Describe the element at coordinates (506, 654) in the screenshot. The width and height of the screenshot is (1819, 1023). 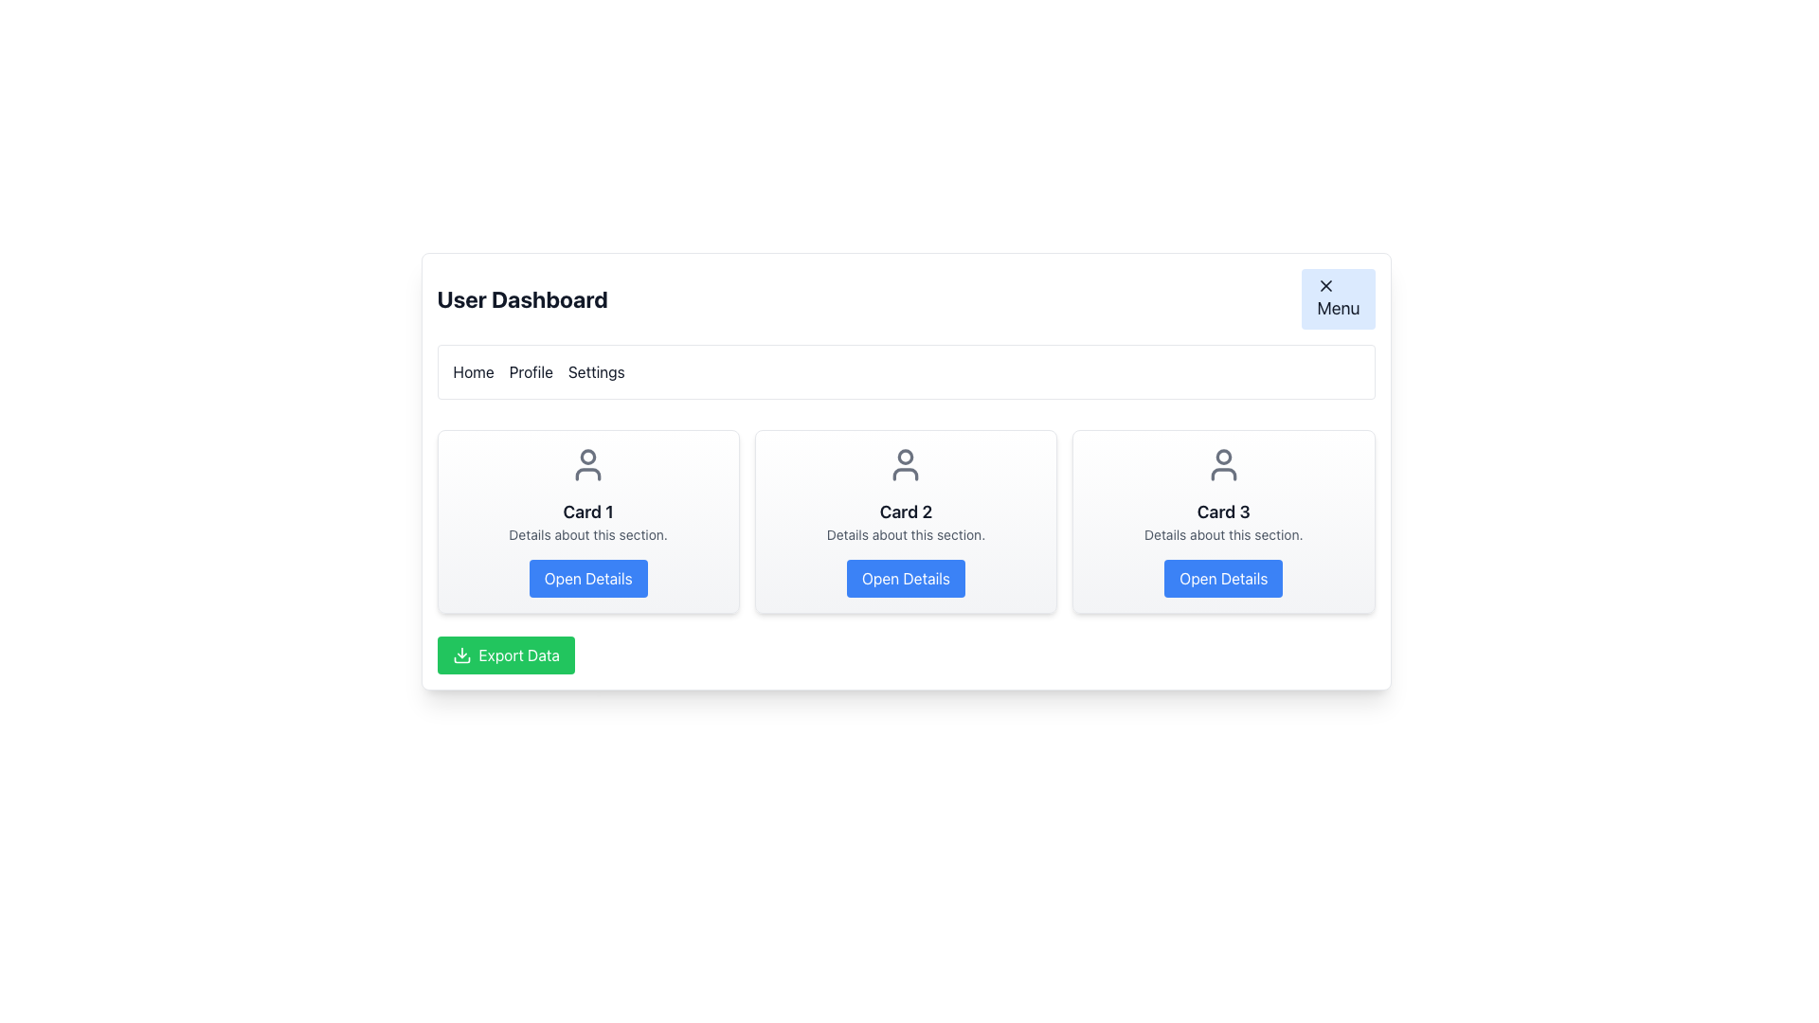
I see `the data export button located at the bottom-left section of the interface, directly underneath the row of informational cards labeled as 'Card 1', 'Card 2', and 'Card 3'` at that location.